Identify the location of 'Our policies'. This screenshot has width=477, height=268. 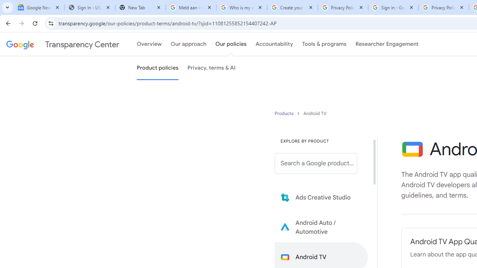
(231, 44).